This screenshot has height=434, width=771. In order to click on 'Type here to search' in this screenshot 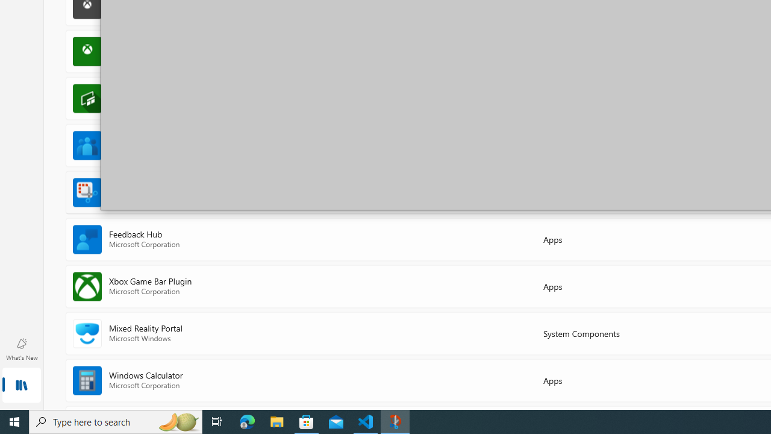, I will do `click(116, 421)`.